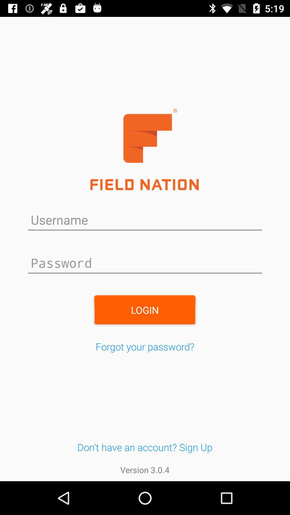 This screenshot has width=290, height=515. I want to click on the icon below the forgot your password? icon, so click(144, 447).